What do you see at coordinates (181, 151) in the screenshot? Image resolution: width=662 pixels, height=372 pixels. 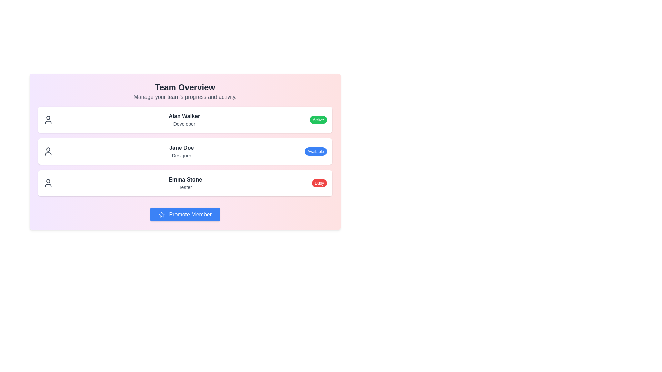 I see `the Label displaying 'Jane Doe, Designer' located in the second row of the card list under the 'Team Overview' section` at bounding box center [181, 151].